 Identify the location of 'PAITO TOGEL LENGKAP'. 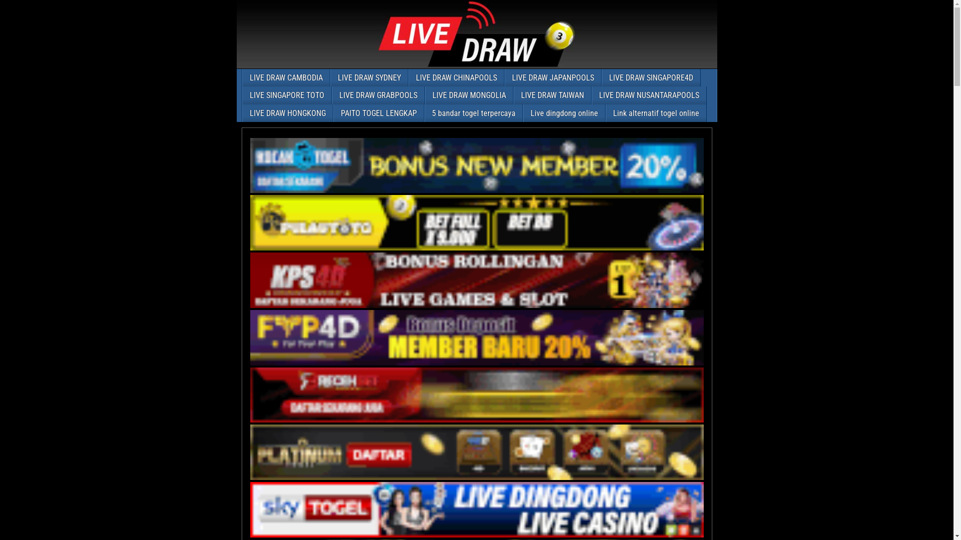
(377, 112).